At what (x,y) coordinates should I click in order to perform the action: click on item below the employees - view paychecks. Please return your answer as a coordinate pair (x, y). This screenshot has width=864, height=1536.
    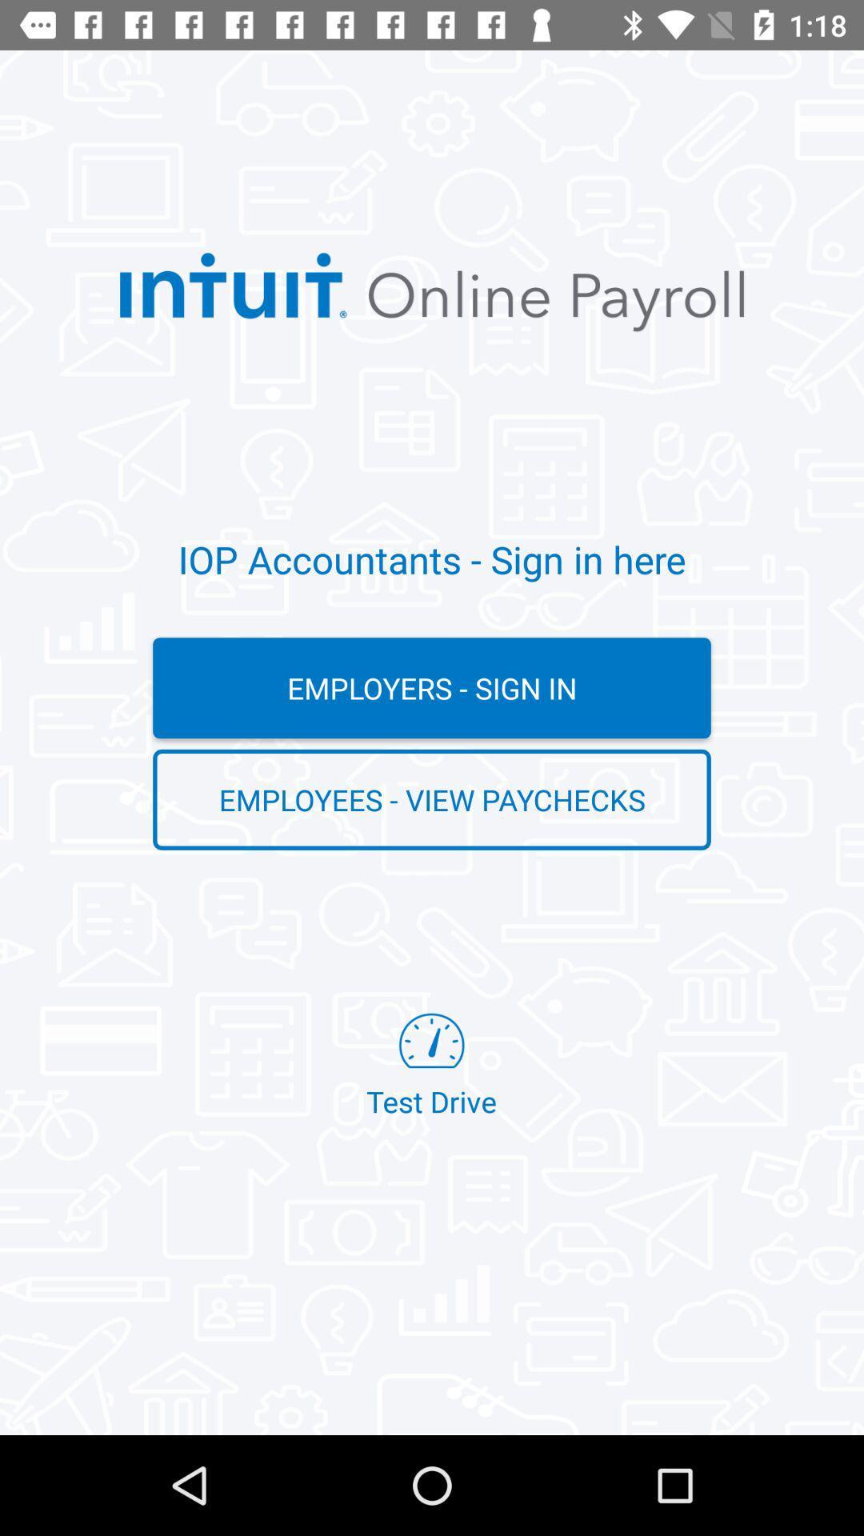
    Looking at the image, I should click on (430, 1066).